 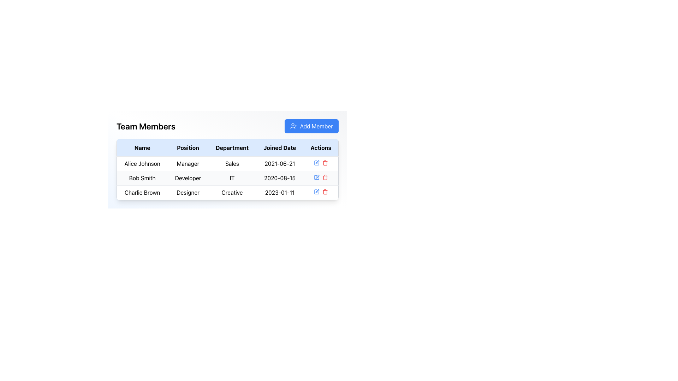 I want to click on the icon component representing part of the graphical metaphor for editing in the Actions column of the table, located at the right-hand side of the second row, so click(x=316, y=177).